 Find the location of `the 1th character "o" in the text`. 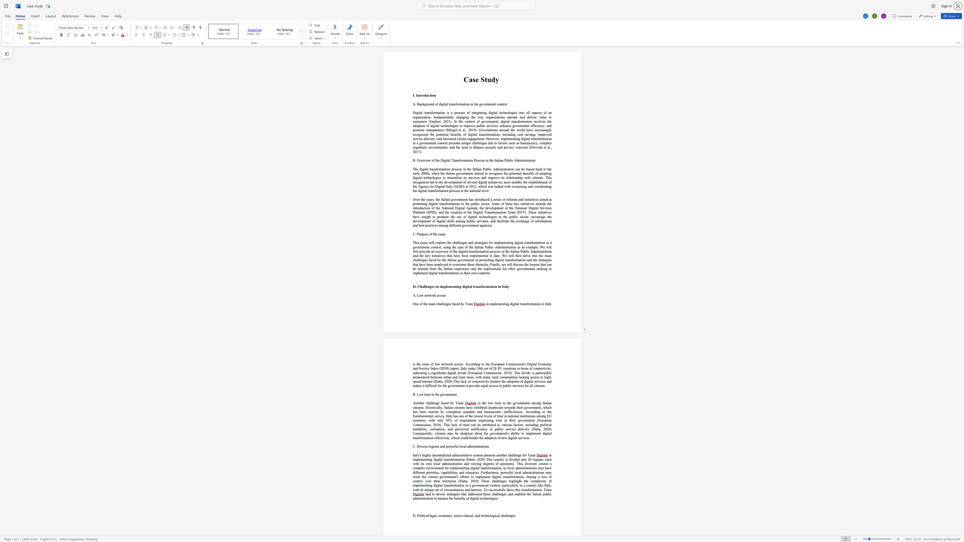

the 1th character "o" in the text is located at coordinates (418, 403).